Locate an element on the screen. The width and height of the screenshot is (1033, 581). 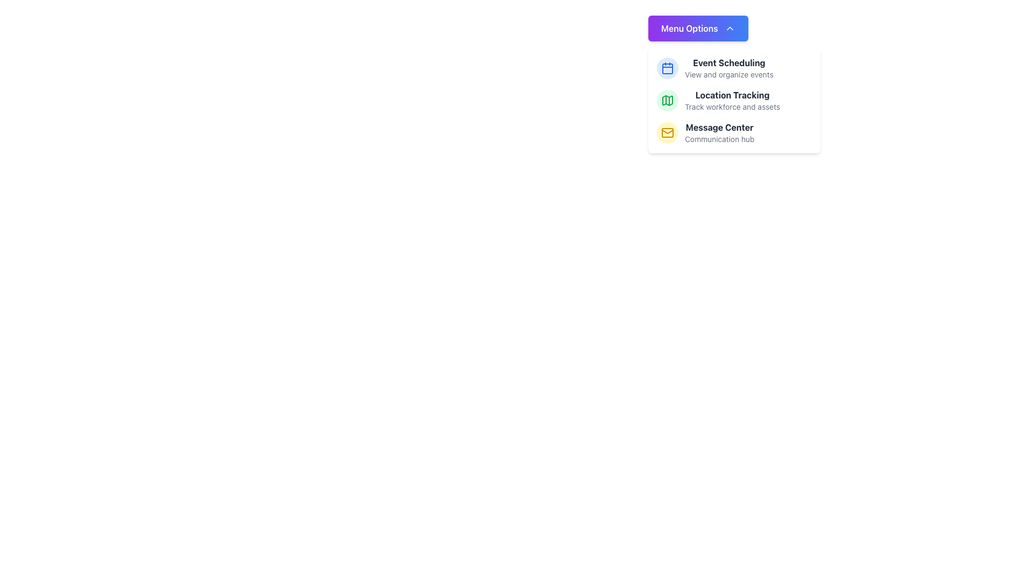
the 'Message Center' icon within the dropdown menu is located at coordinates (667, 132).